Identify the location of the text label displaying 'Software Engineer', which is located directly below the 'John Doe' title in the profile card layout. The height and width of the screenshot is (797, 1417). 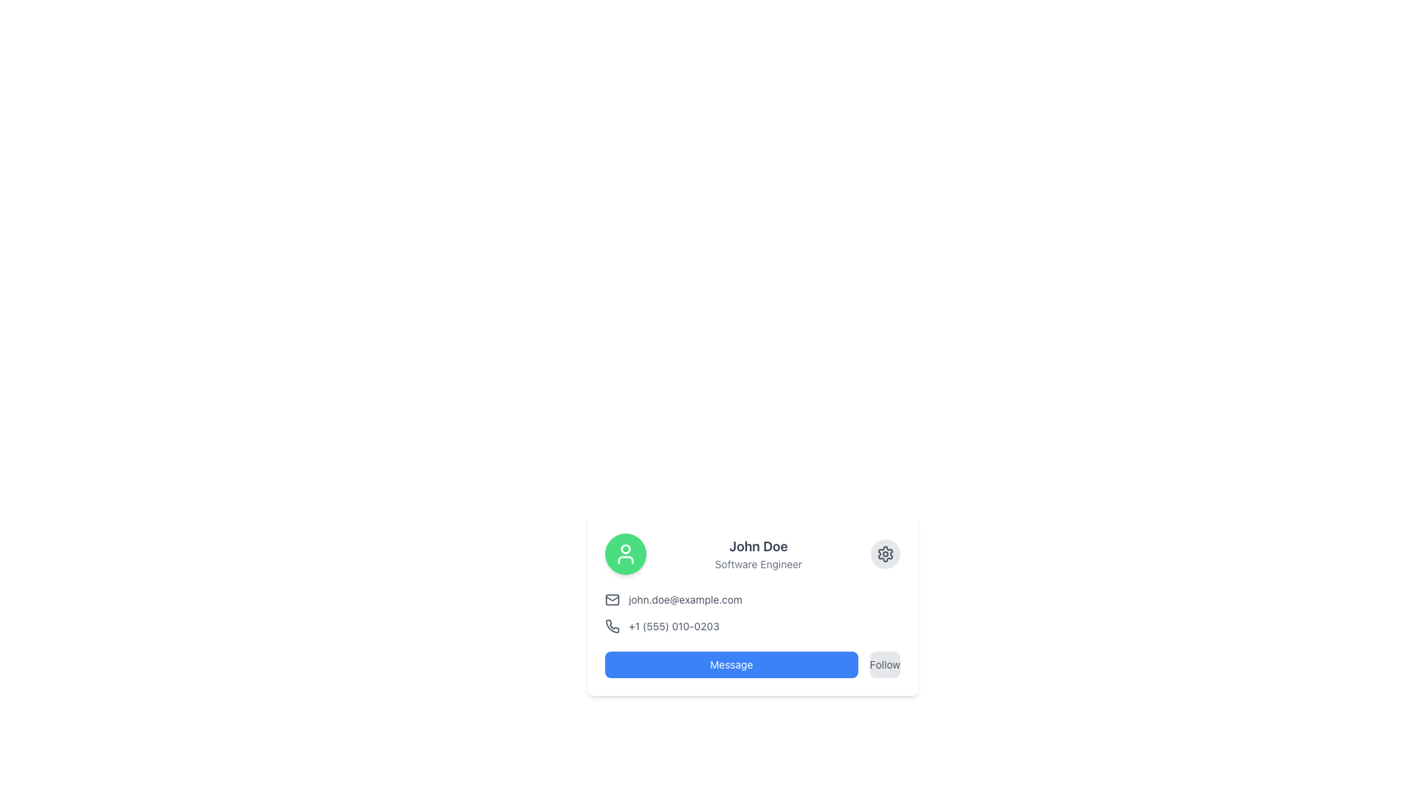
(758, 564).